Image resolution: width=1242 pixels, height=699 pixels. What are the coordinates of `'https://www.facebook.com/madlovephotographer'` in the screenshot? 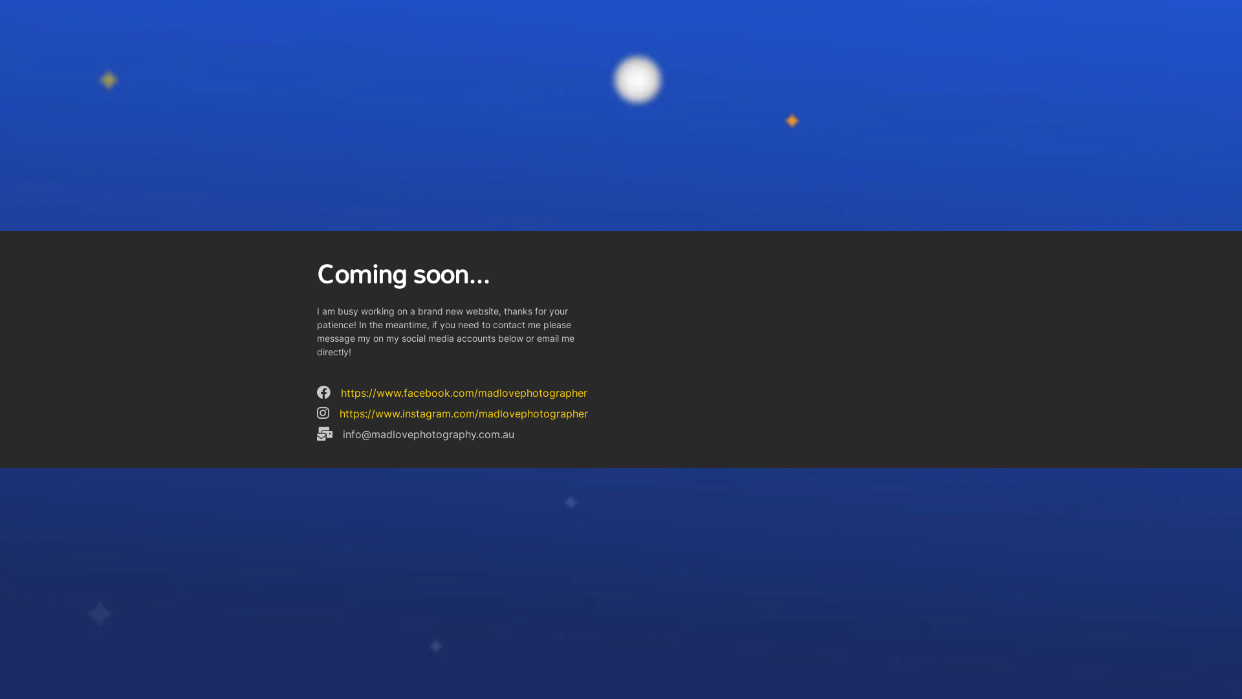 It's located at (464, 392).